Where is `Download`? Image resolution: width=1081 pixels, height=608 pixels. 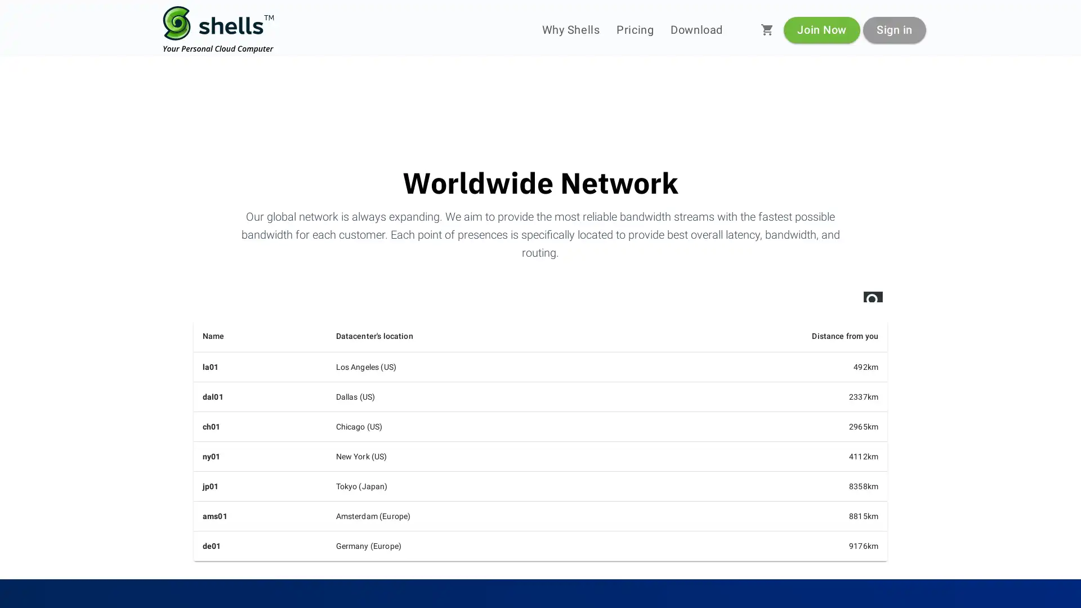 Download is located at coordinates (696, 29).